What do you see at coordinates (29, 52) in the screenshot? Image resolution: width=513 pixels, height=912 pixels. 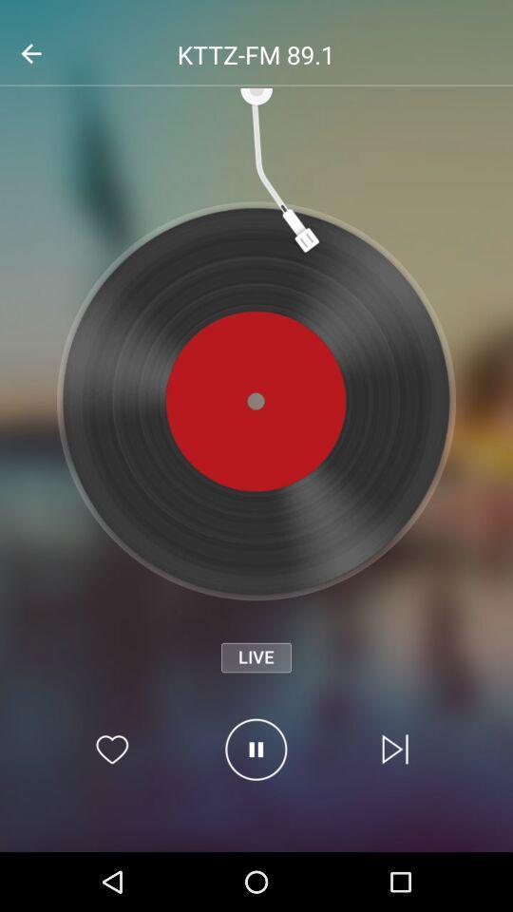 I see `the arrow_backward icon` at bounding box center [29, 52].